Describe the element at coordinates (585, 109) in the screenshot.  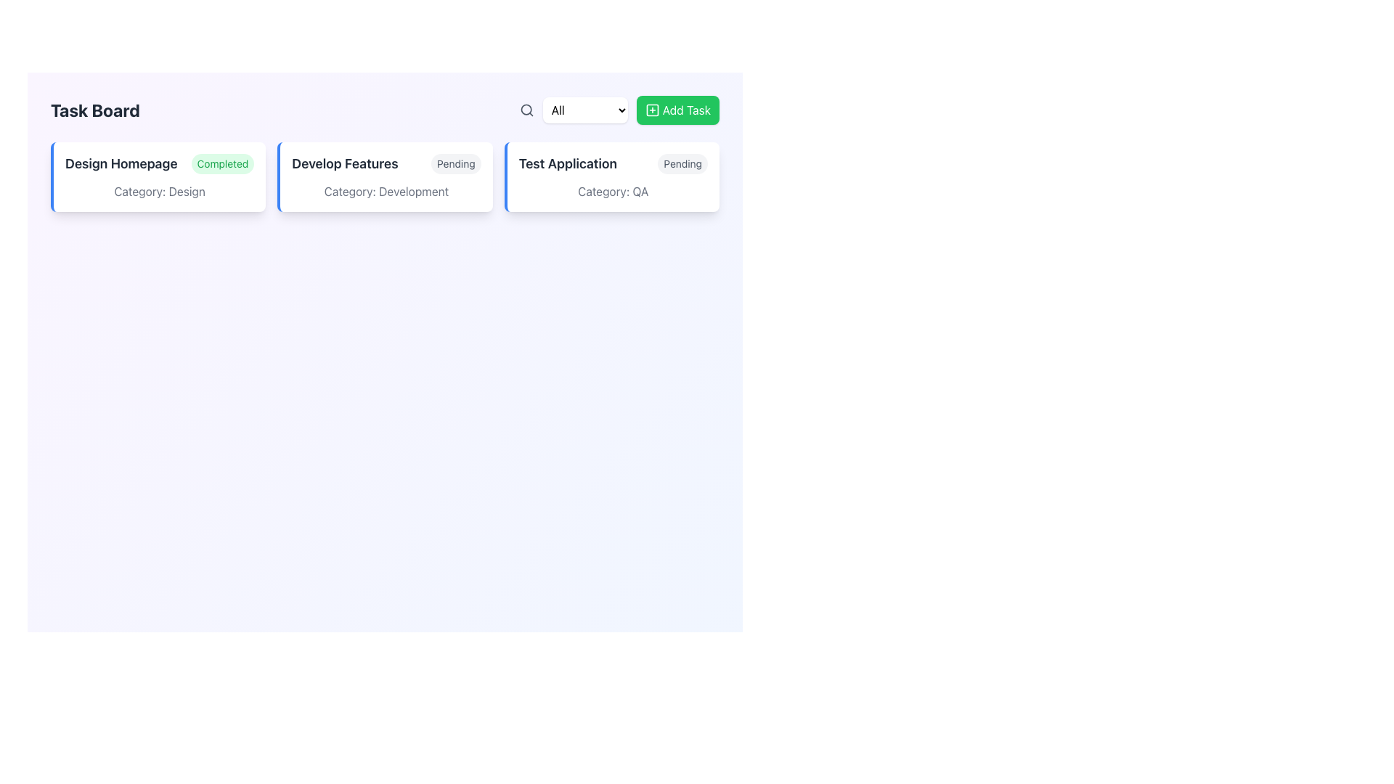
I see `the filter dropdown menu located in the upper right area of the UI` at that location.